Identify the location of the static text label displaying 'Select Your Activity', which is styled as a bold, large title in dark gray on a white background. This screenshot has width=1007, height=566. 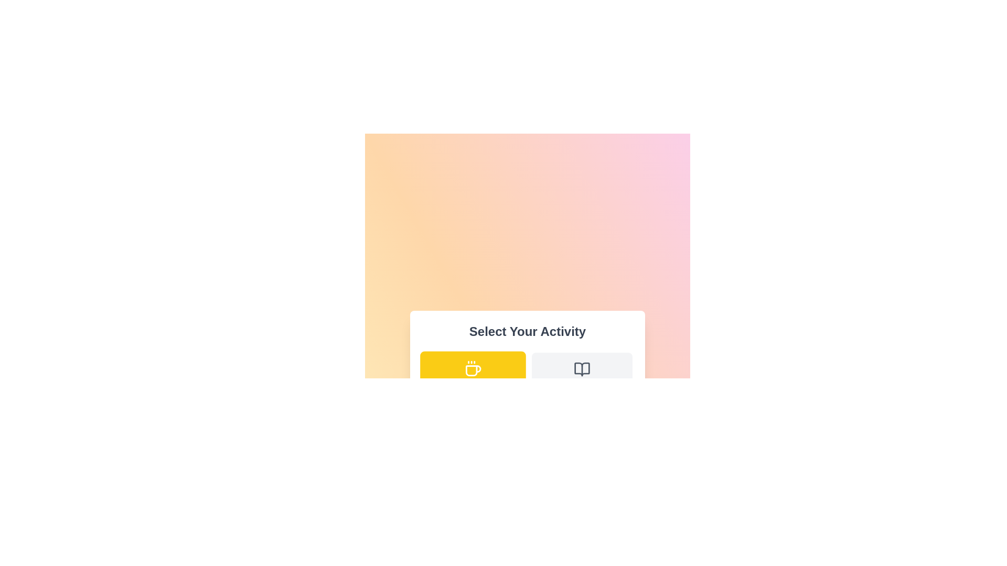
(528, 331).